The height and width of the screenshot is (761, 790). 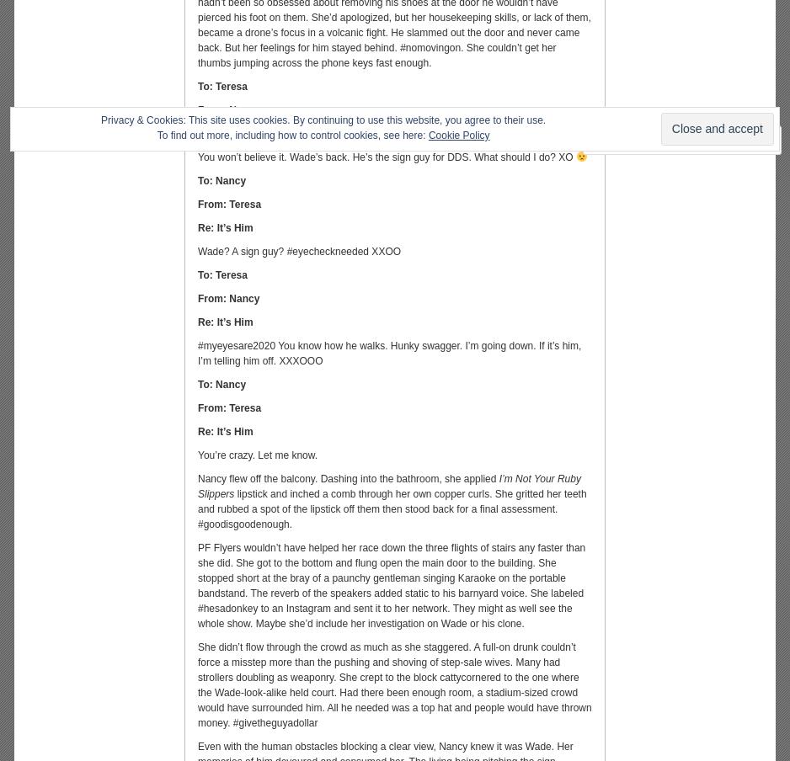 What do you see at coordinates (348, 477) in the screenshot?
I see `'Nancy flew off the balcony. Dashing into the bathroom, she applied'` at bounding box center [348, 477].